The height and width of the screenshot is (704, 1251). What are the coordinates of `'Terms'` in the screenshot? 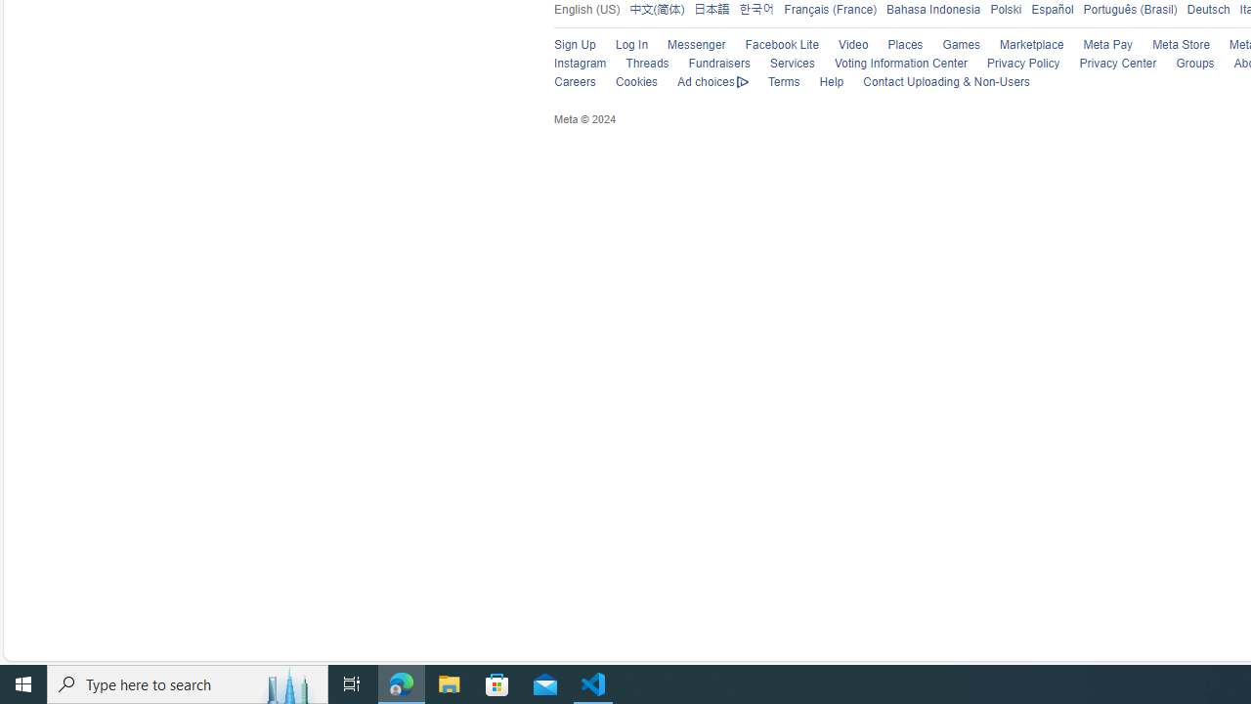 It's located at (773, 81).